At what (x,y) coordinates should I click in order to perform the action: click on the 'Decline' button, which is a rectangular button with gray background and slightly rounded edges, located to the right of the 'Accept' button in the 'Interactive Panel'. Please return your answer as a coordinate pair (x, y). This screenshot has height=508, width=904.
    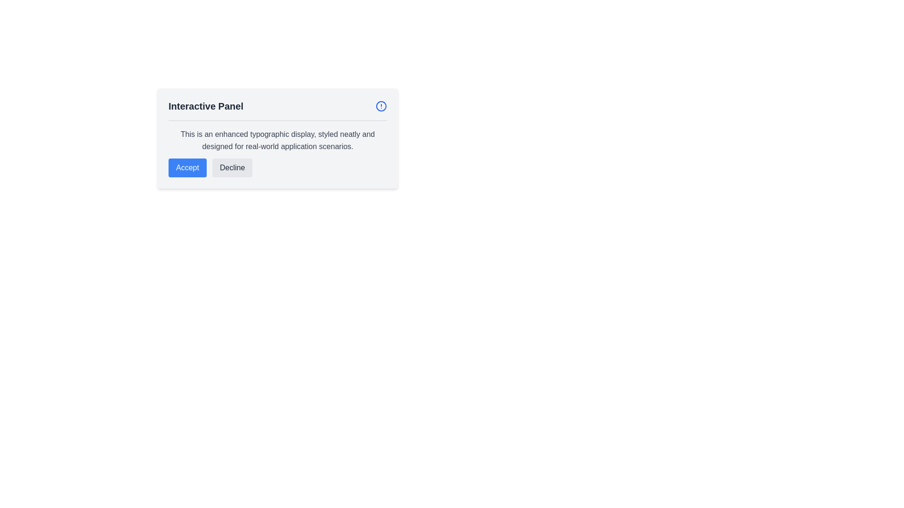
    Looking at the image, I should click on (232, 167).